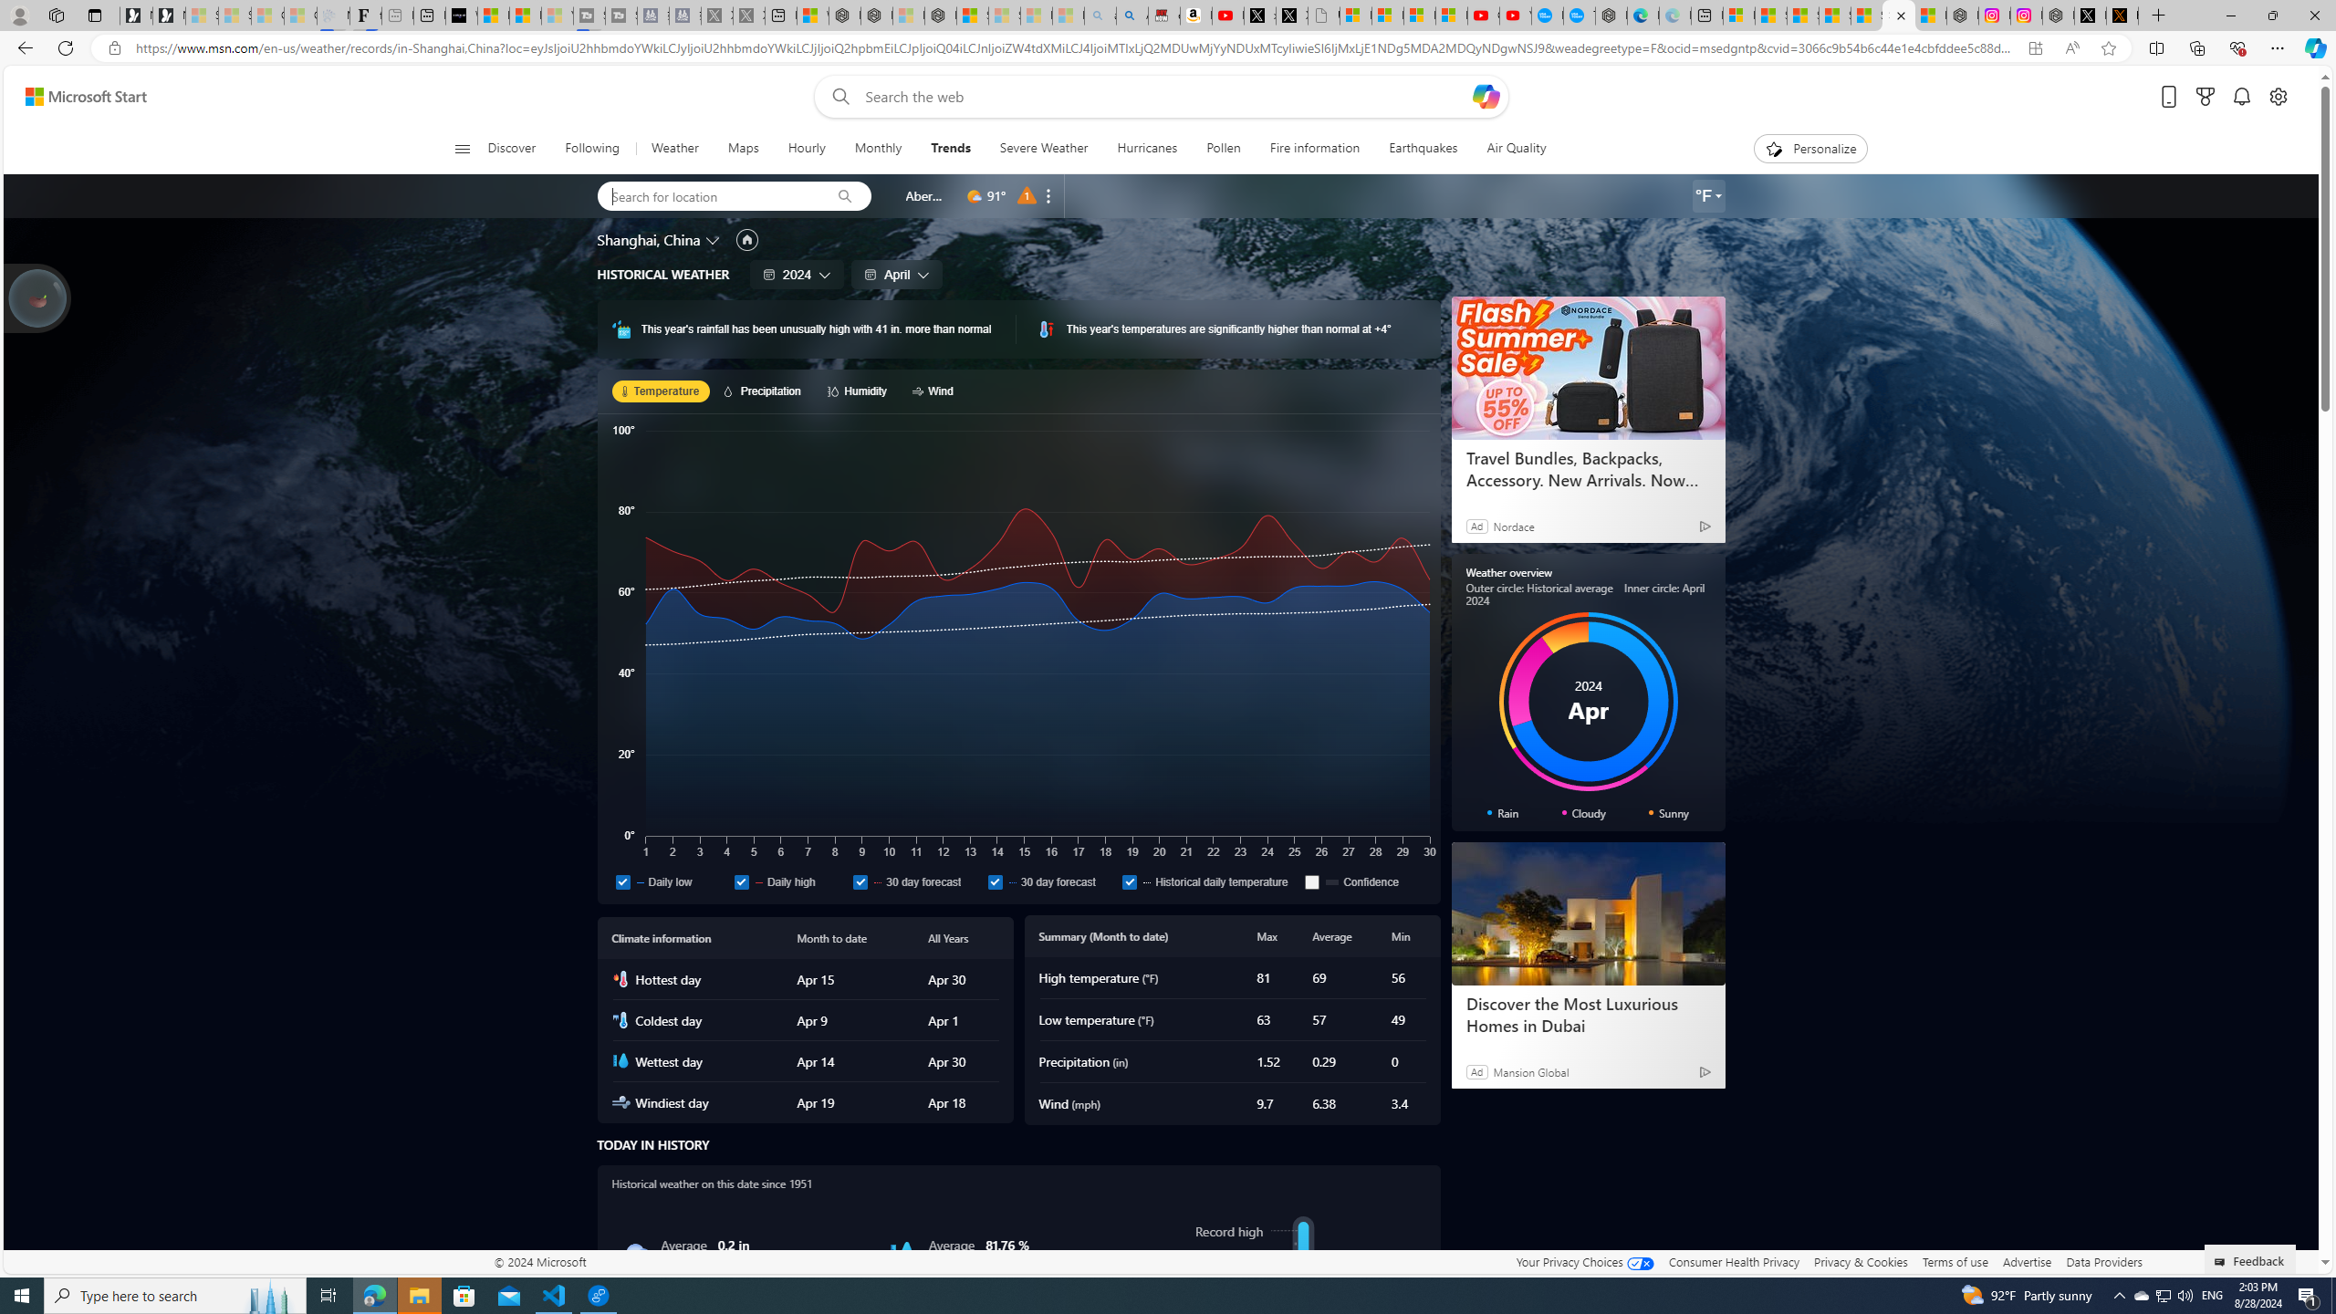  Describe the element at coordinates (660, 391) in the screenshot. I see `'Temperature'` at that location.